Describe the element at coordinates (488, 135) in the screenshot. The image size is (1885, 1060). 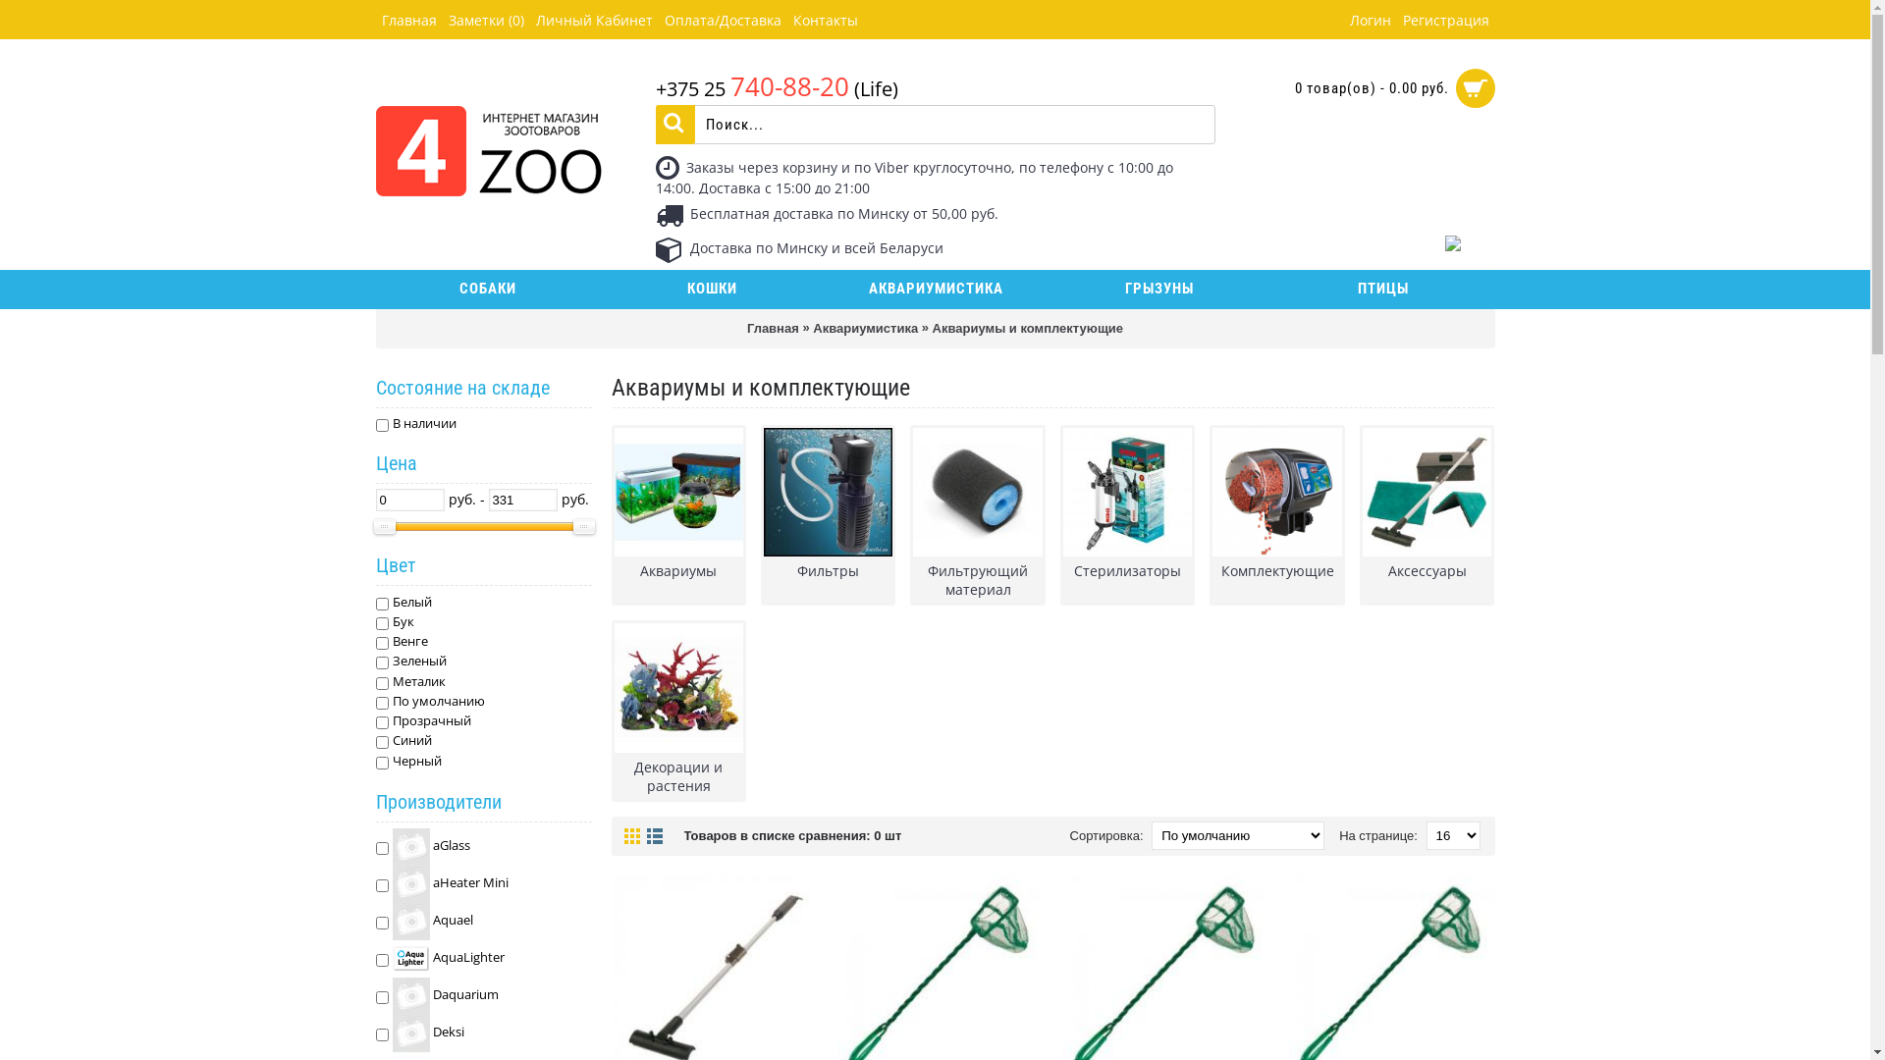
I see `'4ZOO.BY'` at that location.